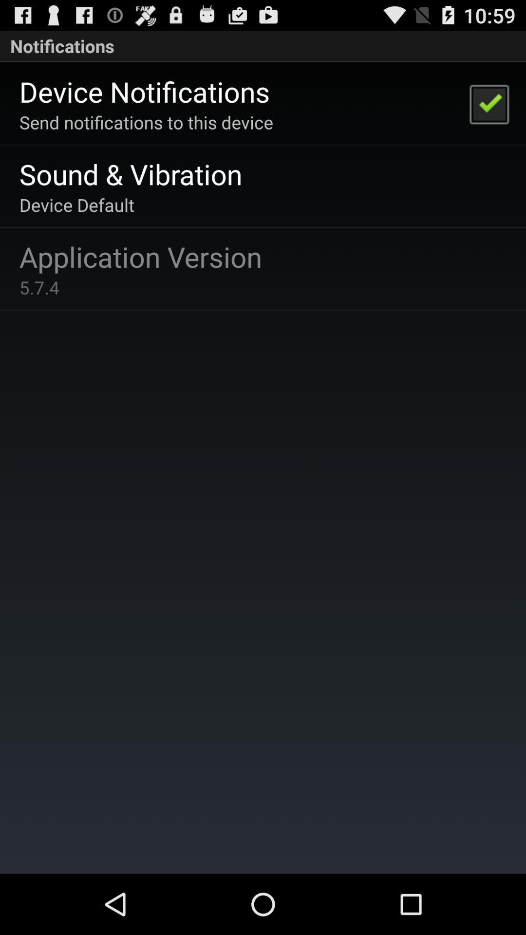 The width and height of the screenshot is (526, 935). What do you see at coordinates (488, 103) in the screenshot?
I see `the icon below the notifications` at bounding box center [488, 103].